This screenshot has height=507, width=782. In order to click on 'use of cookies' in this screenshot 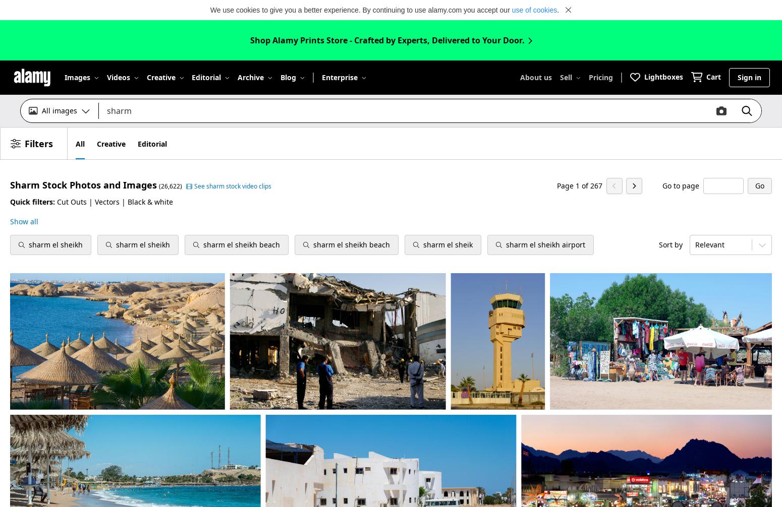, I will do `click(512, 10)`.